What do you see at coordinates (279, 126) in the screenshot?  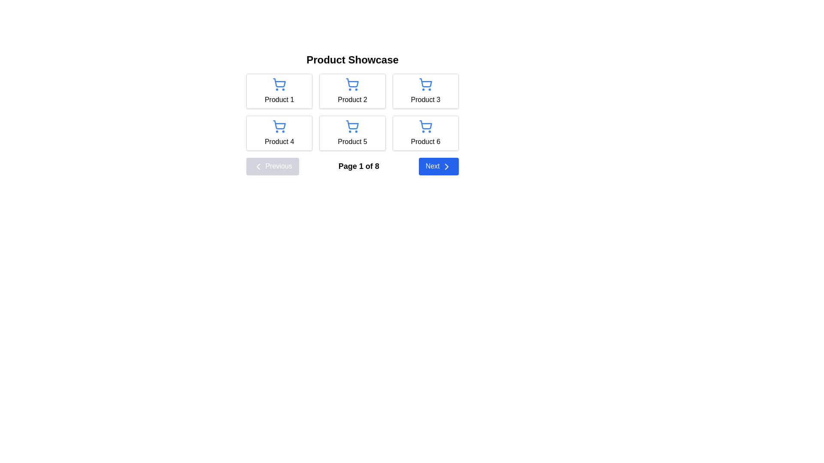 I see `the blue shopping cart icon located at the top center of the 'Product 4' panel` at bounding box center [279, 126].